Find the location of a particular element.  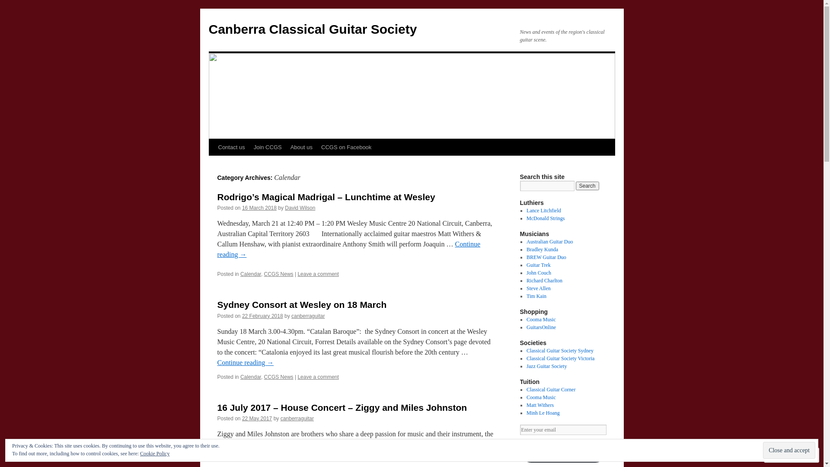

'Guitar Trek' is located at coordinates (538, 265).